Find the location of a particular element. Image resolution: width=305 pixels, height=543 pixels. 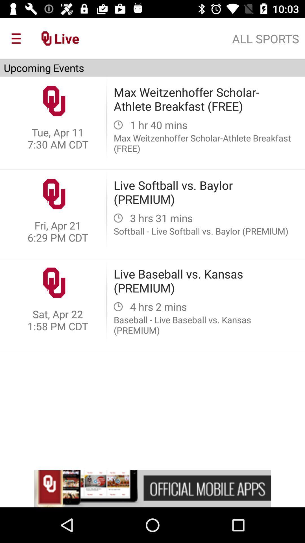

switch to a phone site is located at coordinates (152, 488).